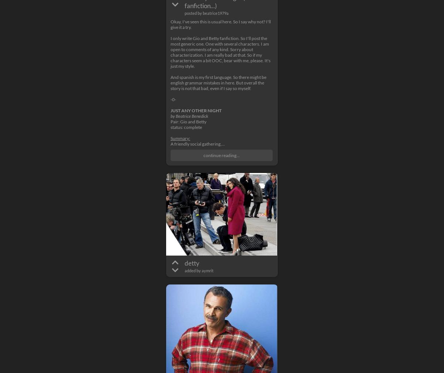  What do you see at coordinates (196, 110) in the screenshot?
I see `'JUST ANY OTHER NIGHT'` at bounding box center [196, 110].